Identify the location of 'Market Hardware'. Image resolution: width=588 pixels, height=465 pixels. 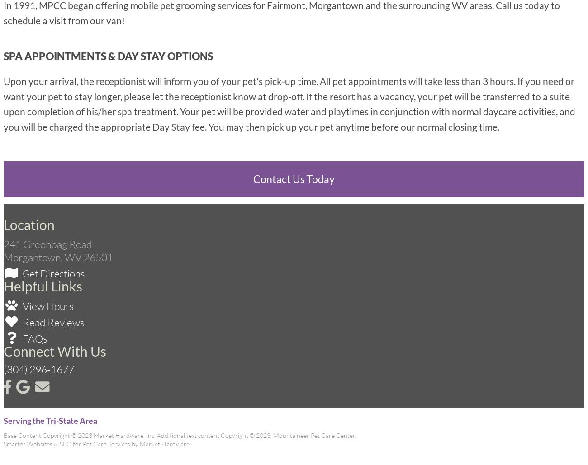
(140, 443).